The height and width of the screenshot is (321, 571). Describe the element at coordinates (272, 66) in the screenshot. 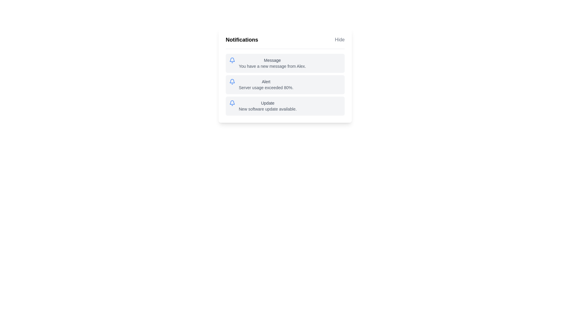

I see `the text element that displays additional details about the notification regarding a new message from Alex, located beneath the title 'Message' in the notification item` at that location.